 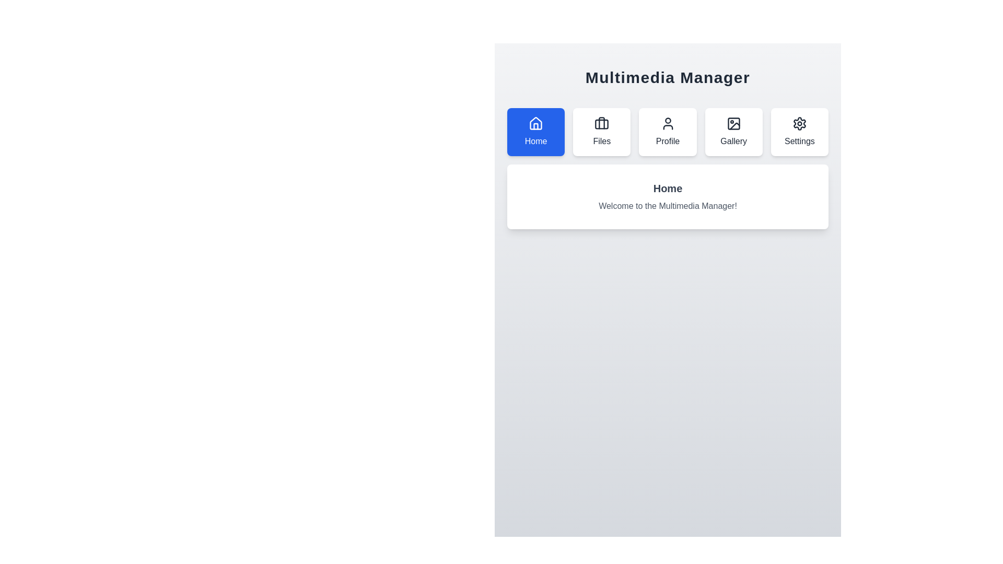 I want to click on the lower part of the user profile icon located within the 'Profile' tab in the top navigation bar, so click(x=667, y=126).